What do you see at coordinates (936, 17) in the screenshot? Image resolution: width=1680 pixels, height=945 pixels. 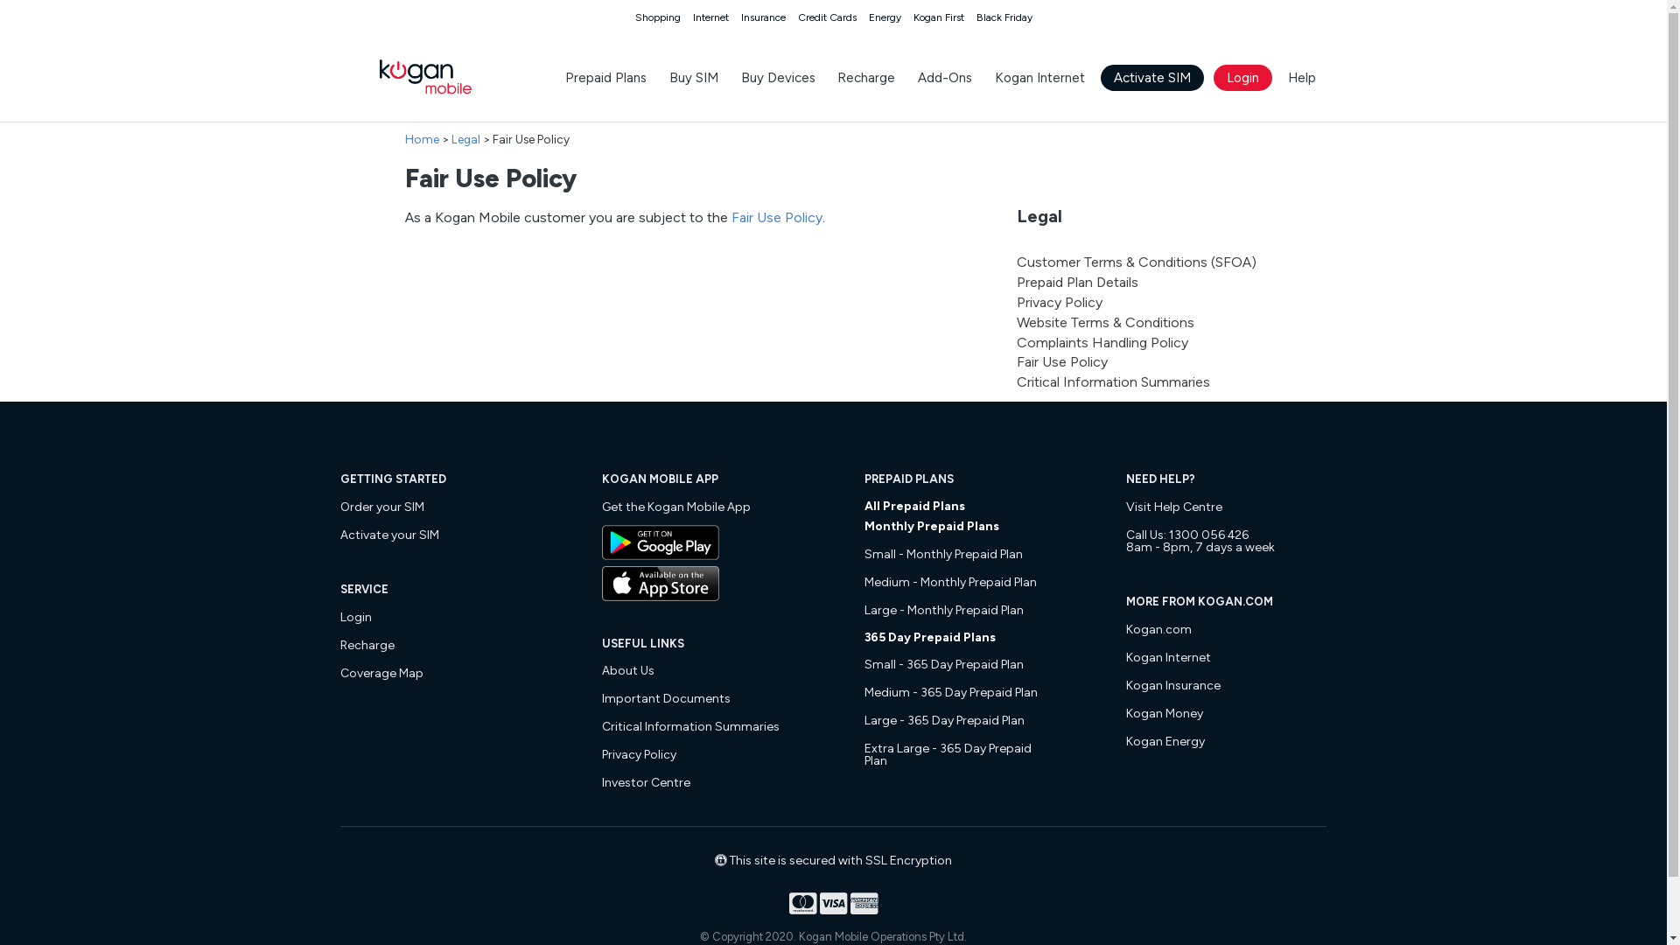 I see `'Kogan First'` at bounding box center [936, 17].